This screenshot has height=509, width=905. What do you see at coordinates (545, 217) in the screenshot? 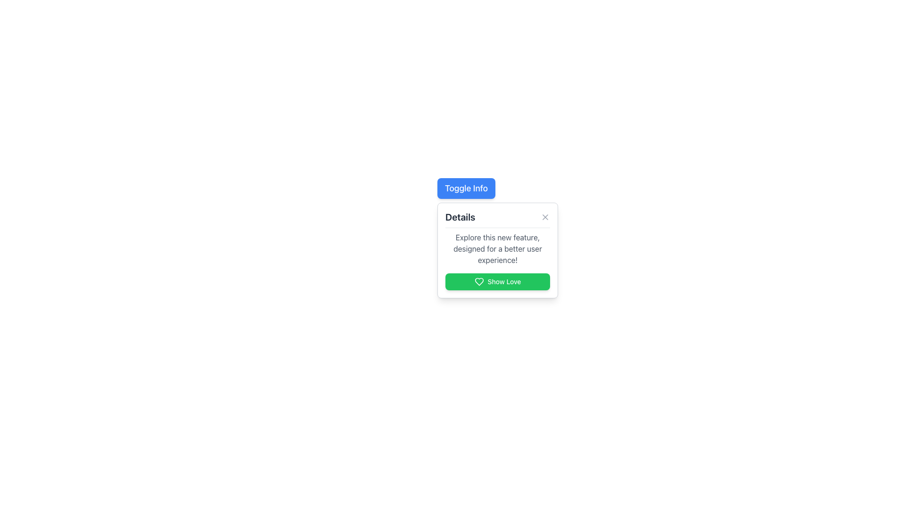
I see `the 'close' button located at the top-right corner of the 'Details' section to trigger styling changes` at bounding box center [545, 217].